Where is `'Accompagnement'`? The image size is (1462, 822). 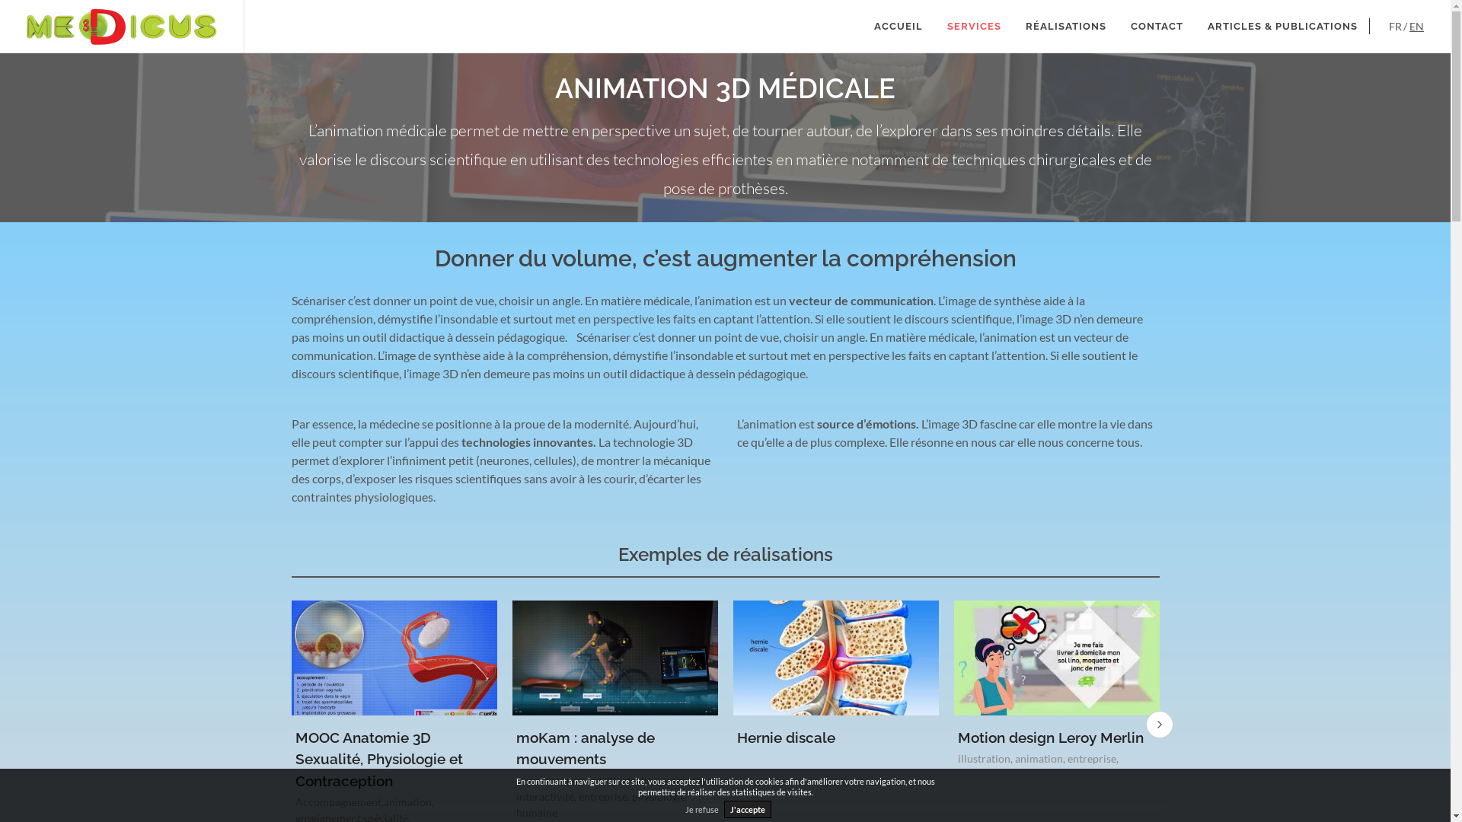
'Accompagnement' is located at coordinates (516, 780).